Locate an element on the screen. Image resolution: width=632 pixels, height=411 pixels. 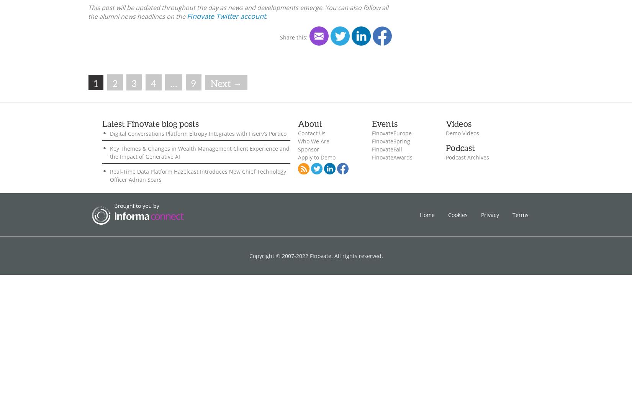
'Home' is located at coordinates (427, 214).